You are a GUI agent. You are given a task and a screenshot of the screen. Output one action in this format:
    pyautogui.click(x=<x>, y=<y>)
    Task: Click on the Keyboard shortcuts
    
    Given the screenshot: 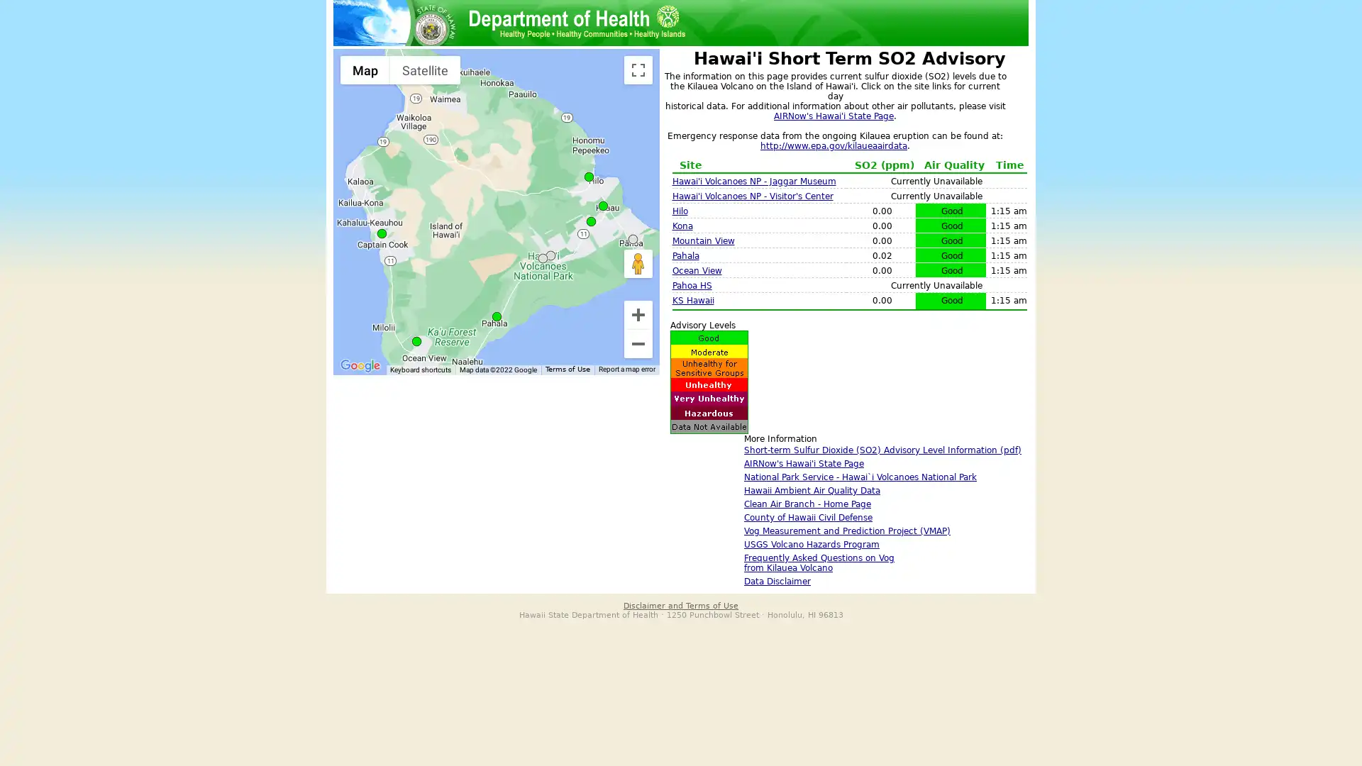 What is the action you would take?
    pyautogui.click(x=420, y=369)
    